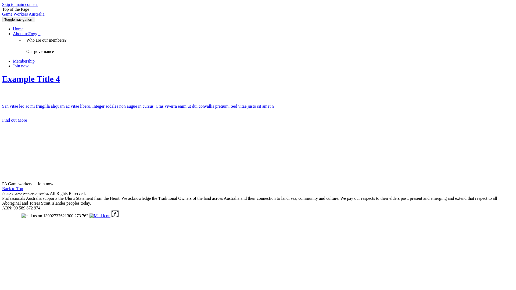  What do you see at coordinates (23, 40) in the screenshot?
I see `'Who are our members?'` at bounding box center [23, 40].